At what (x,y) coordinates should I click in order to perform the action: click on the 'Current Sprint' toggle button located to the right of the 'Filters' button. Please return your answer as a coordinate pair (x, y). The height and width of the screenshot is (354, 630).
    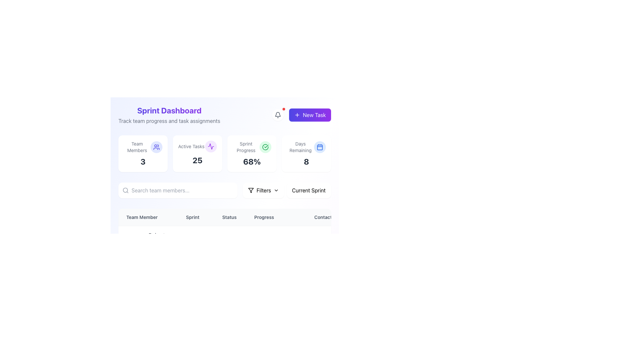
    Looking at the image, I should click on (308, 190).